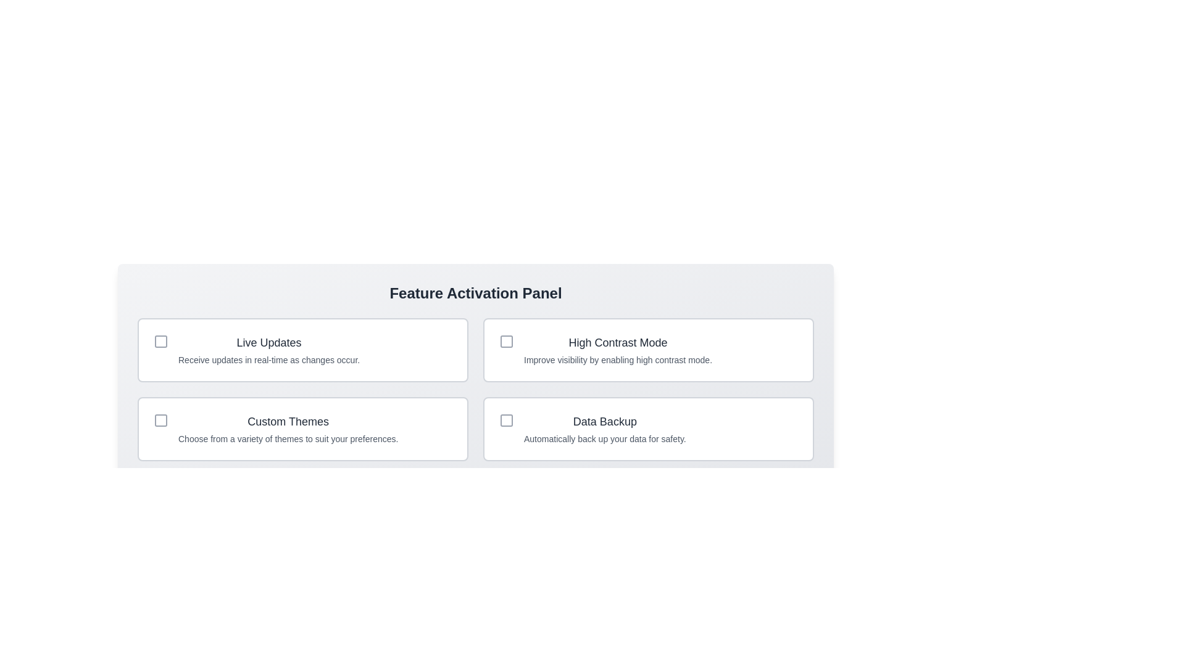 The height and width of the screenshot is (666, 1185). What do you see at coordinates (268, 360) in the screenshot?
I see `the descriptive text label located directly beneath the 'Live Updates' title in the top-left quadrant of the activation panel` at bounding box center [268, 360].